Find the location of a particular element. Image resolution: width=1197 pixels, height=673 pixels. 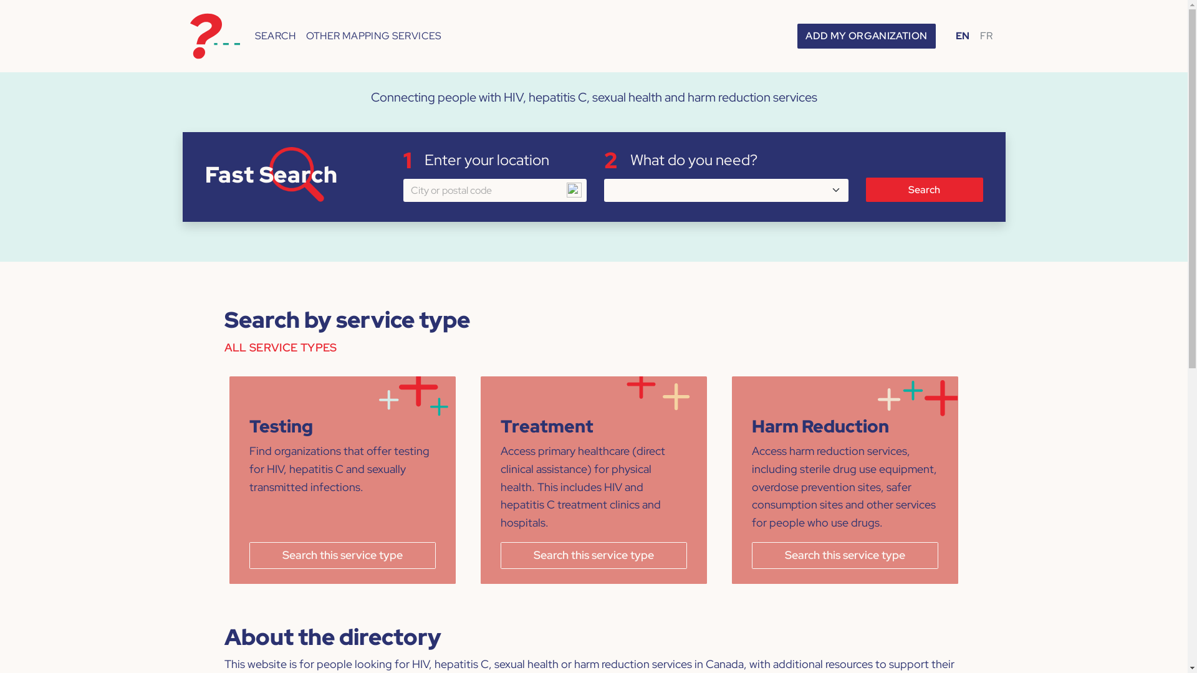

'ADD MY ORGANIZATION' is located at coordinates (866, 35).